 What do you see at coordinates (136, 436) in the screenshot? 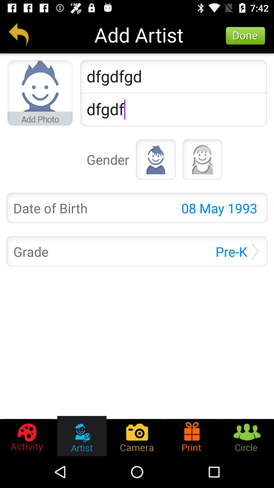
I see `the photo icon` at bounding box center [136, 436].